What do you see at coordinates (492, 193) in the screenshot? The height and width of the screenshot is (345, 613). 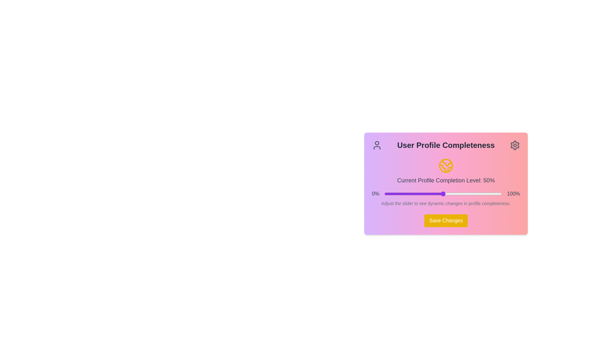 I see `the profile completion percentage` at bounding box center [492, 193].